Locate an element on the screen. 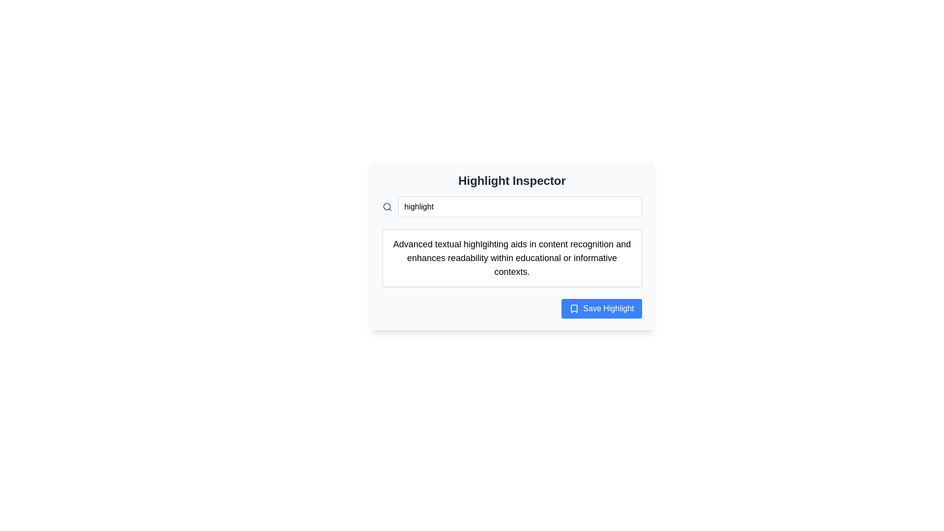  the blue rectangular button labeled 'Save Highlight' with rounded corners located at the bottom right of the card is located at coordinates (601, 308).